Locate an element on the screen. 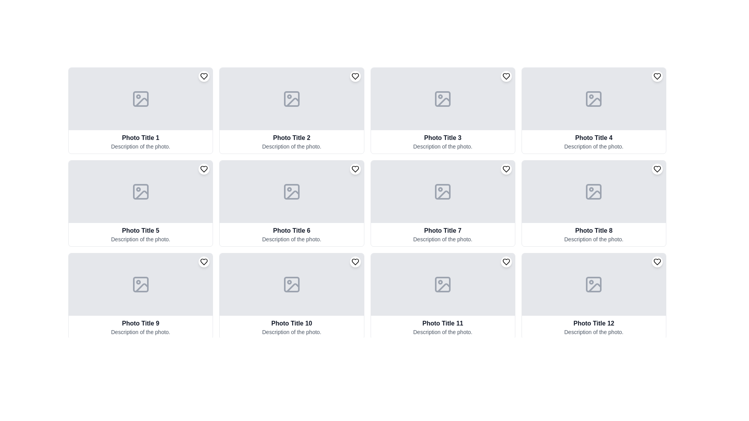 The width and height of the screenshot is (749, 421). the 'like' icon located in the upper-right corner of the second card from the left in the top row of the grid layout to mark the associated content as liked is located at coordinates (355, 76).